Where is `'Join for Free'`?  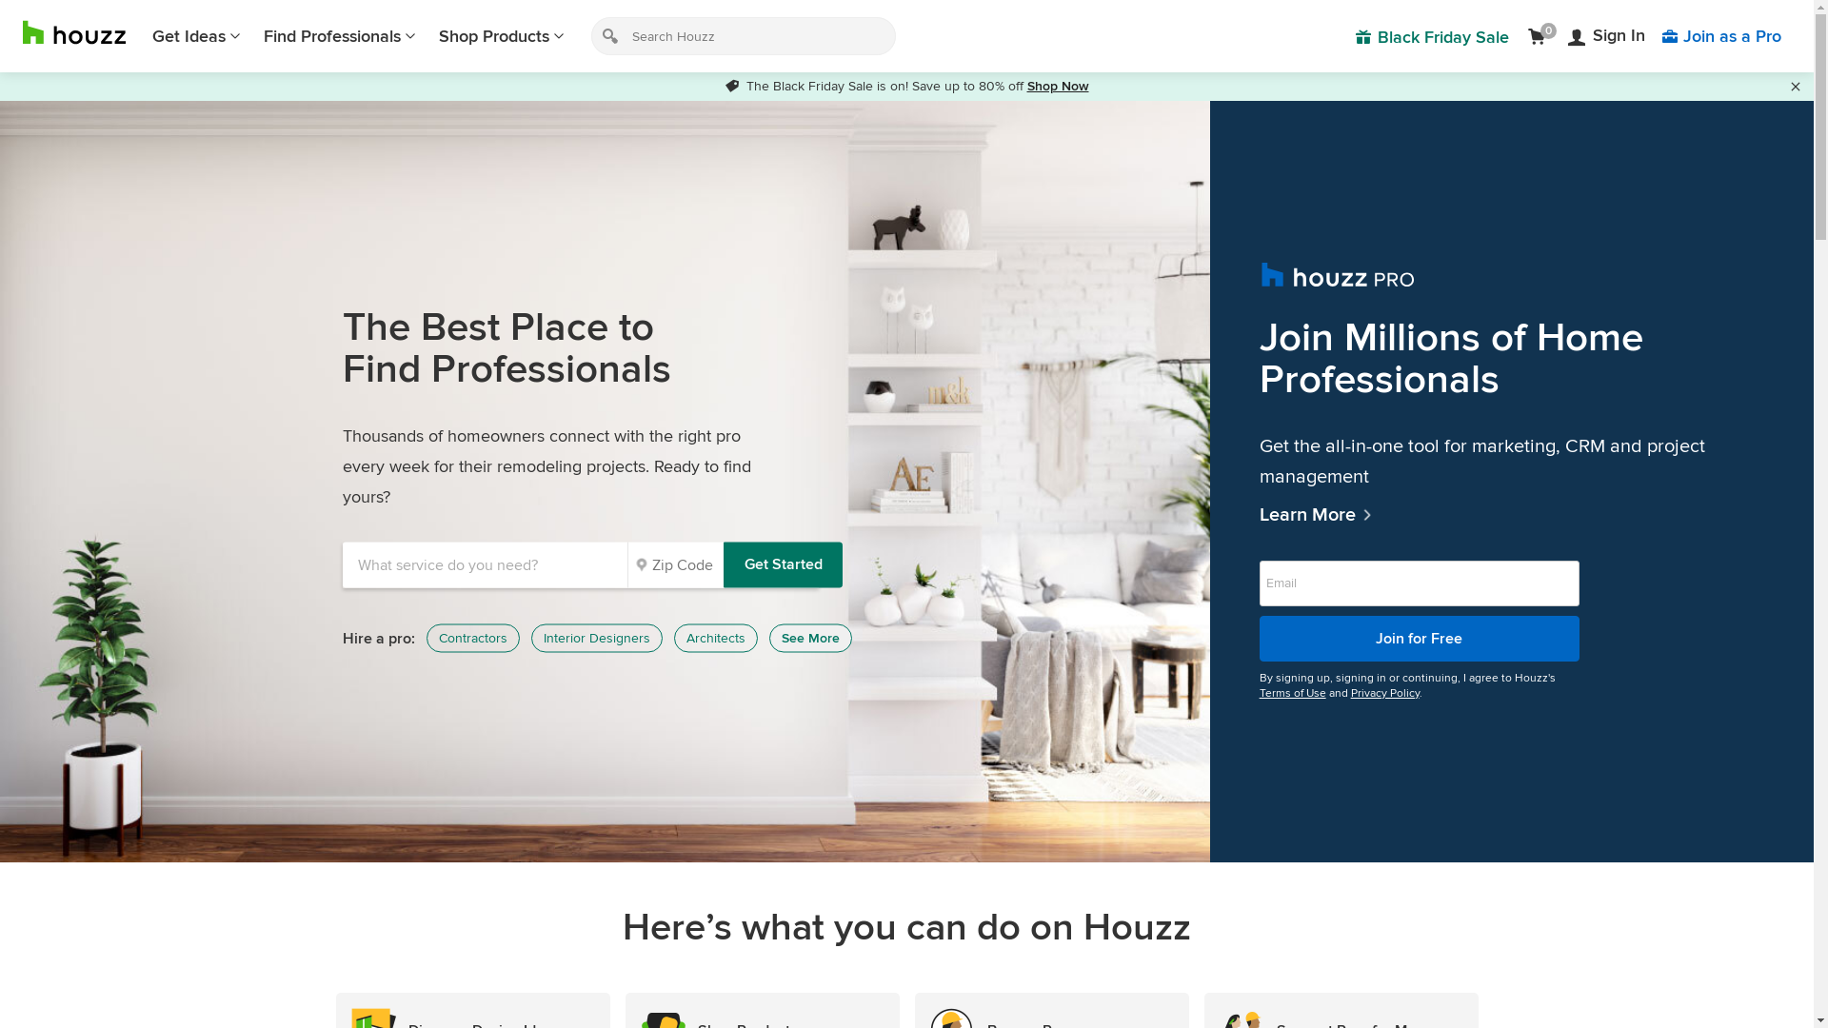 'Join for Free' is located at coordinates (1420, 638).